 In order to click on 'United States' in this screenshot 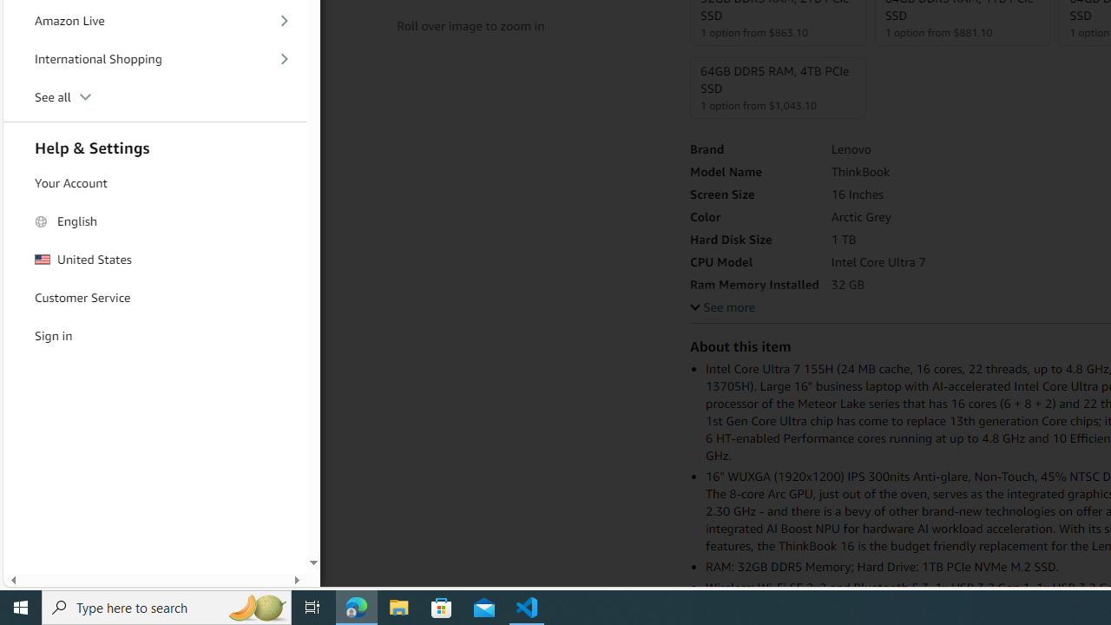, I will do `click(155, 260)`.